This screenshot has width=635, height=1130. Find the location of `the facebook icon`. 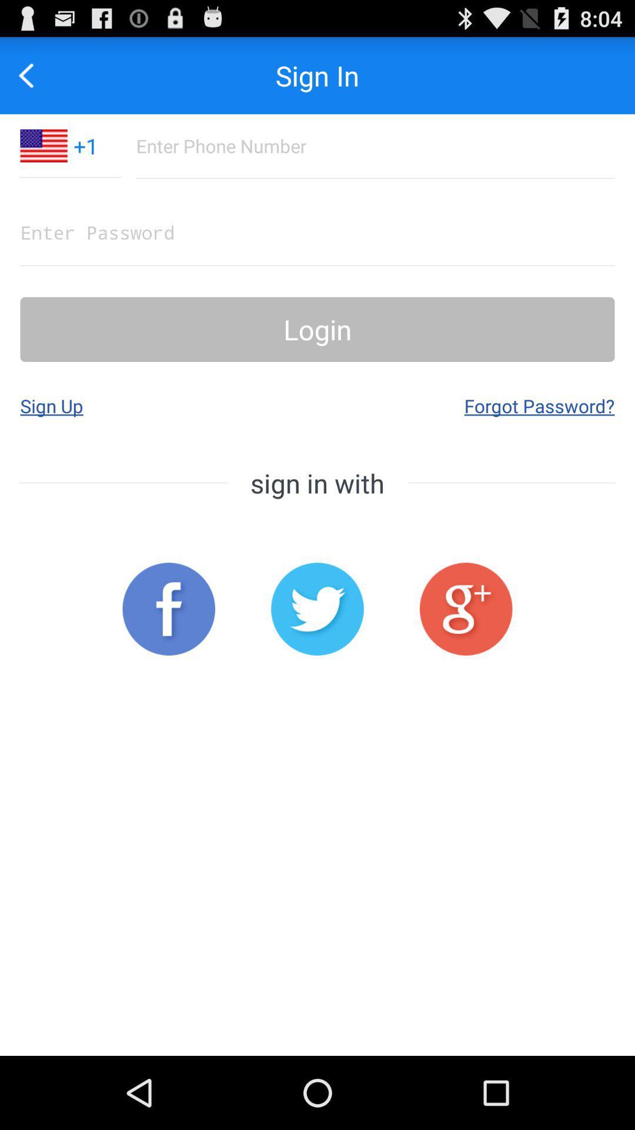

the facebook icon is located at coordinates (169, 651).